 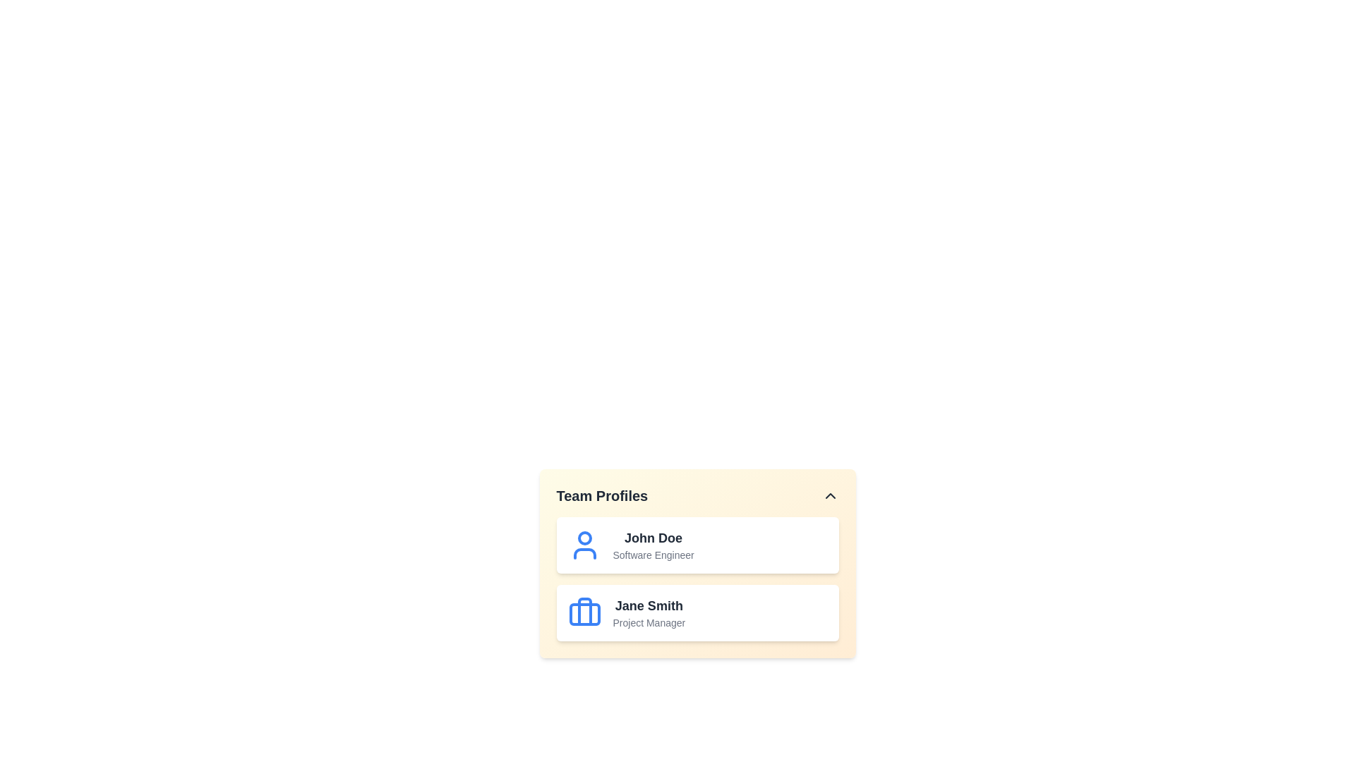 I want to click on the text label that provides additional descriptive information about the user named 'John Doe', which is positioned directly beneath the name in the same card, so click(x=653, y=554).